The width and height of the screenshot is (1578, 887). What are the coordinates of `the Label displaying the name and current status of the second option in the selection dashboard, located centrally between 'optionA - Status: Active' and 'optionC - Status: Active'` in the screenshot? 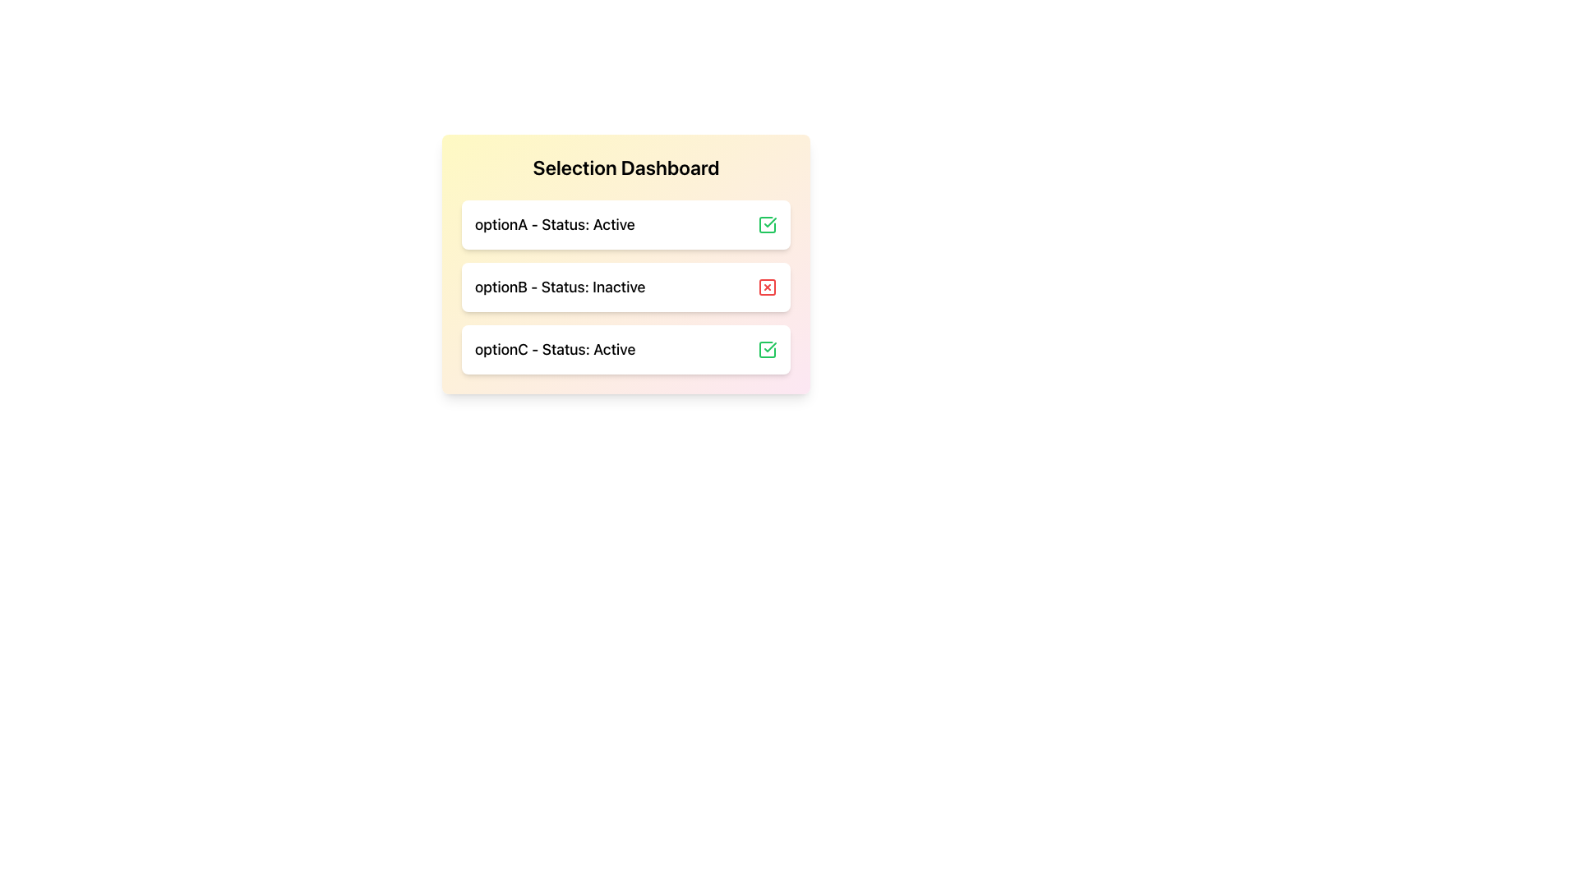 It's located at (560, 287).